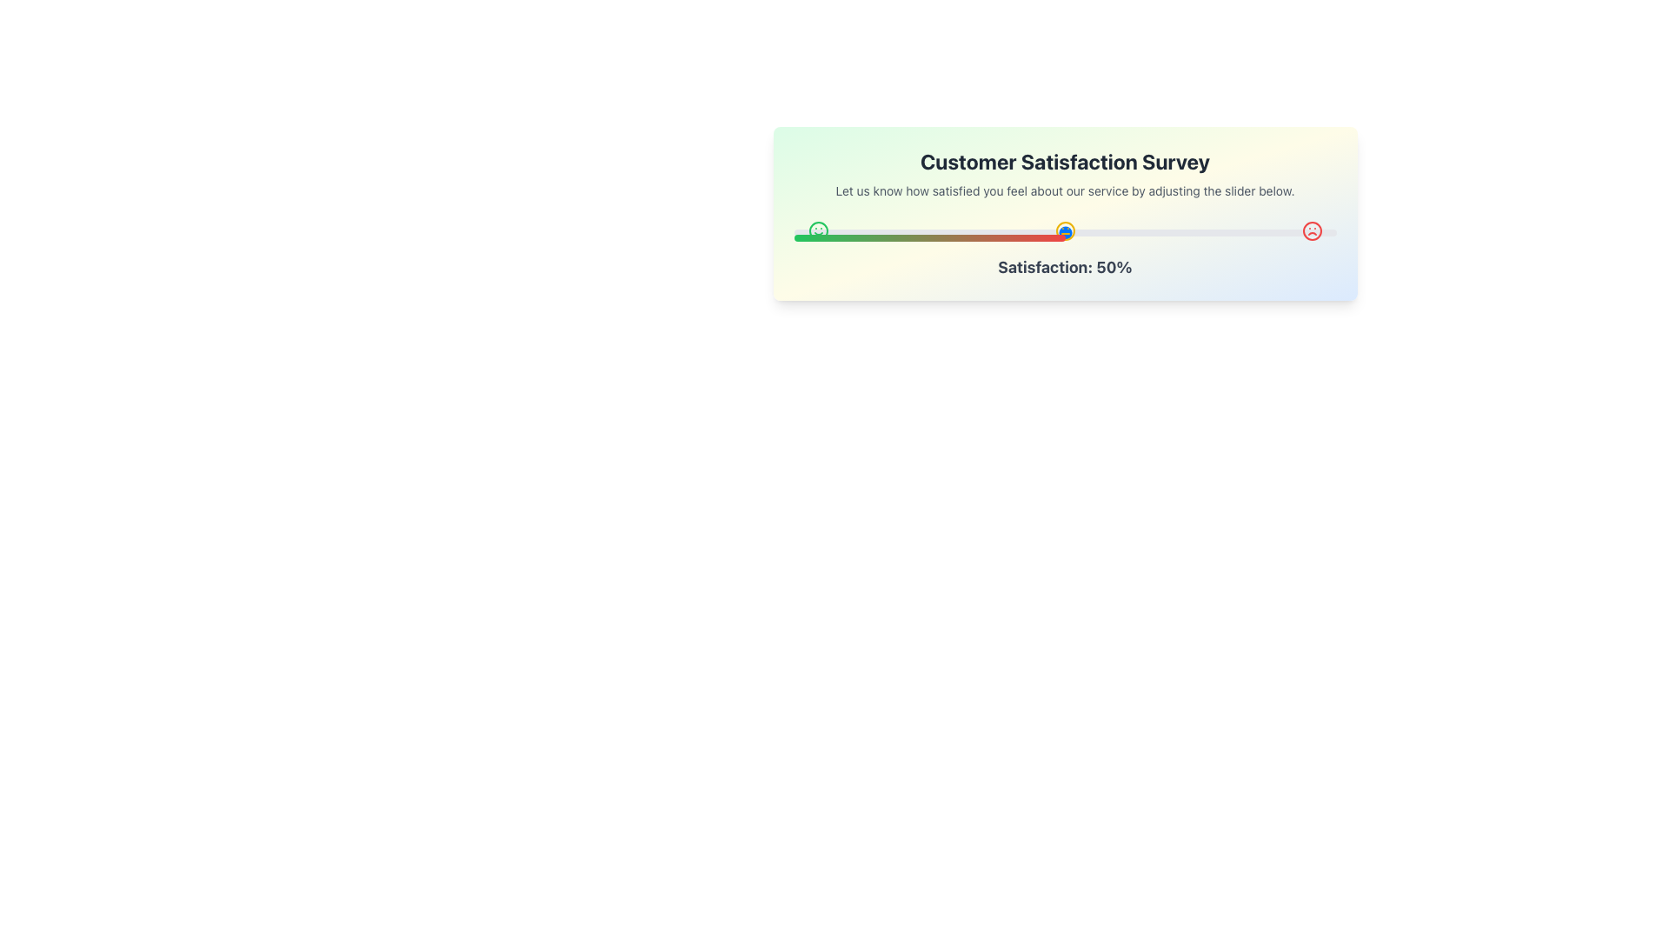 The height and width of the screenshot is (939, 1669). Describe the element at coordinates (1282, 231) in the screenshot. I see `satisfaction level` at that location.